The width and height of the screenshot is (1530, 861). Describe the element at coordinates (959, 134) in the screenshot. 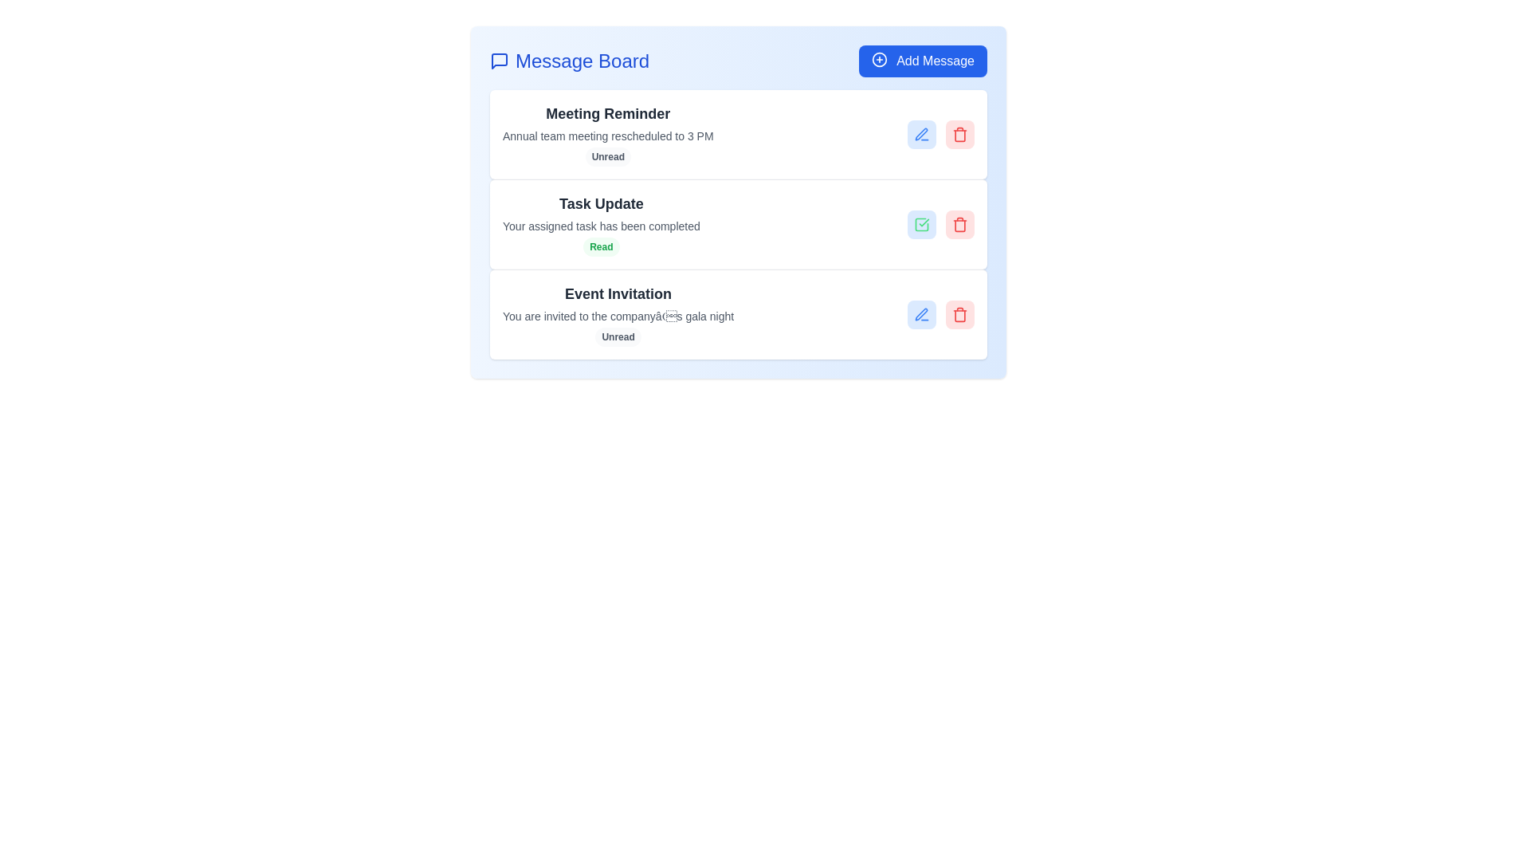

I see `the body of the trash icon represented as a Vector graphic component within the SVG icon in the Message Board interface` at that location.